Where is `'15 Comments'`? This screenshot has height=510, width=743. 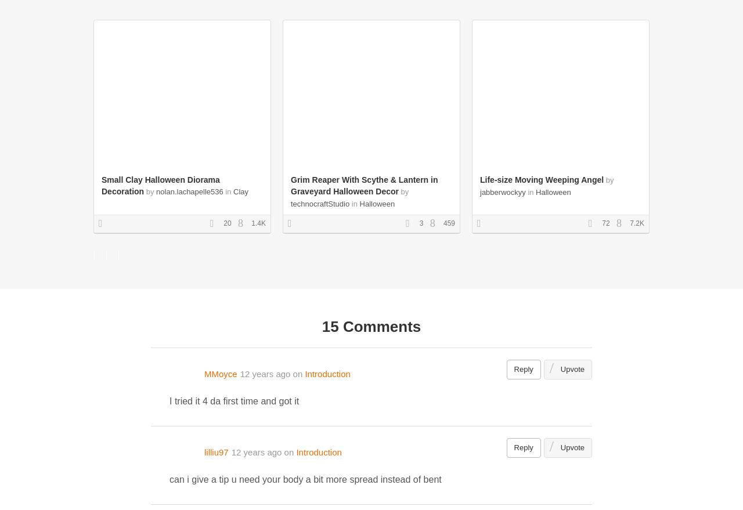
'15 Comments' is located at coordinates (370, 325).